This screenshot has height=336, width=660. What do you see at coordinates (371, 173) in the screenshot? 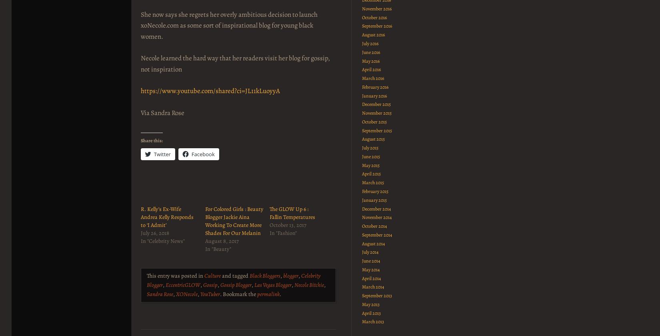
I see `'April 2015'` at bounding box center [371, 173].